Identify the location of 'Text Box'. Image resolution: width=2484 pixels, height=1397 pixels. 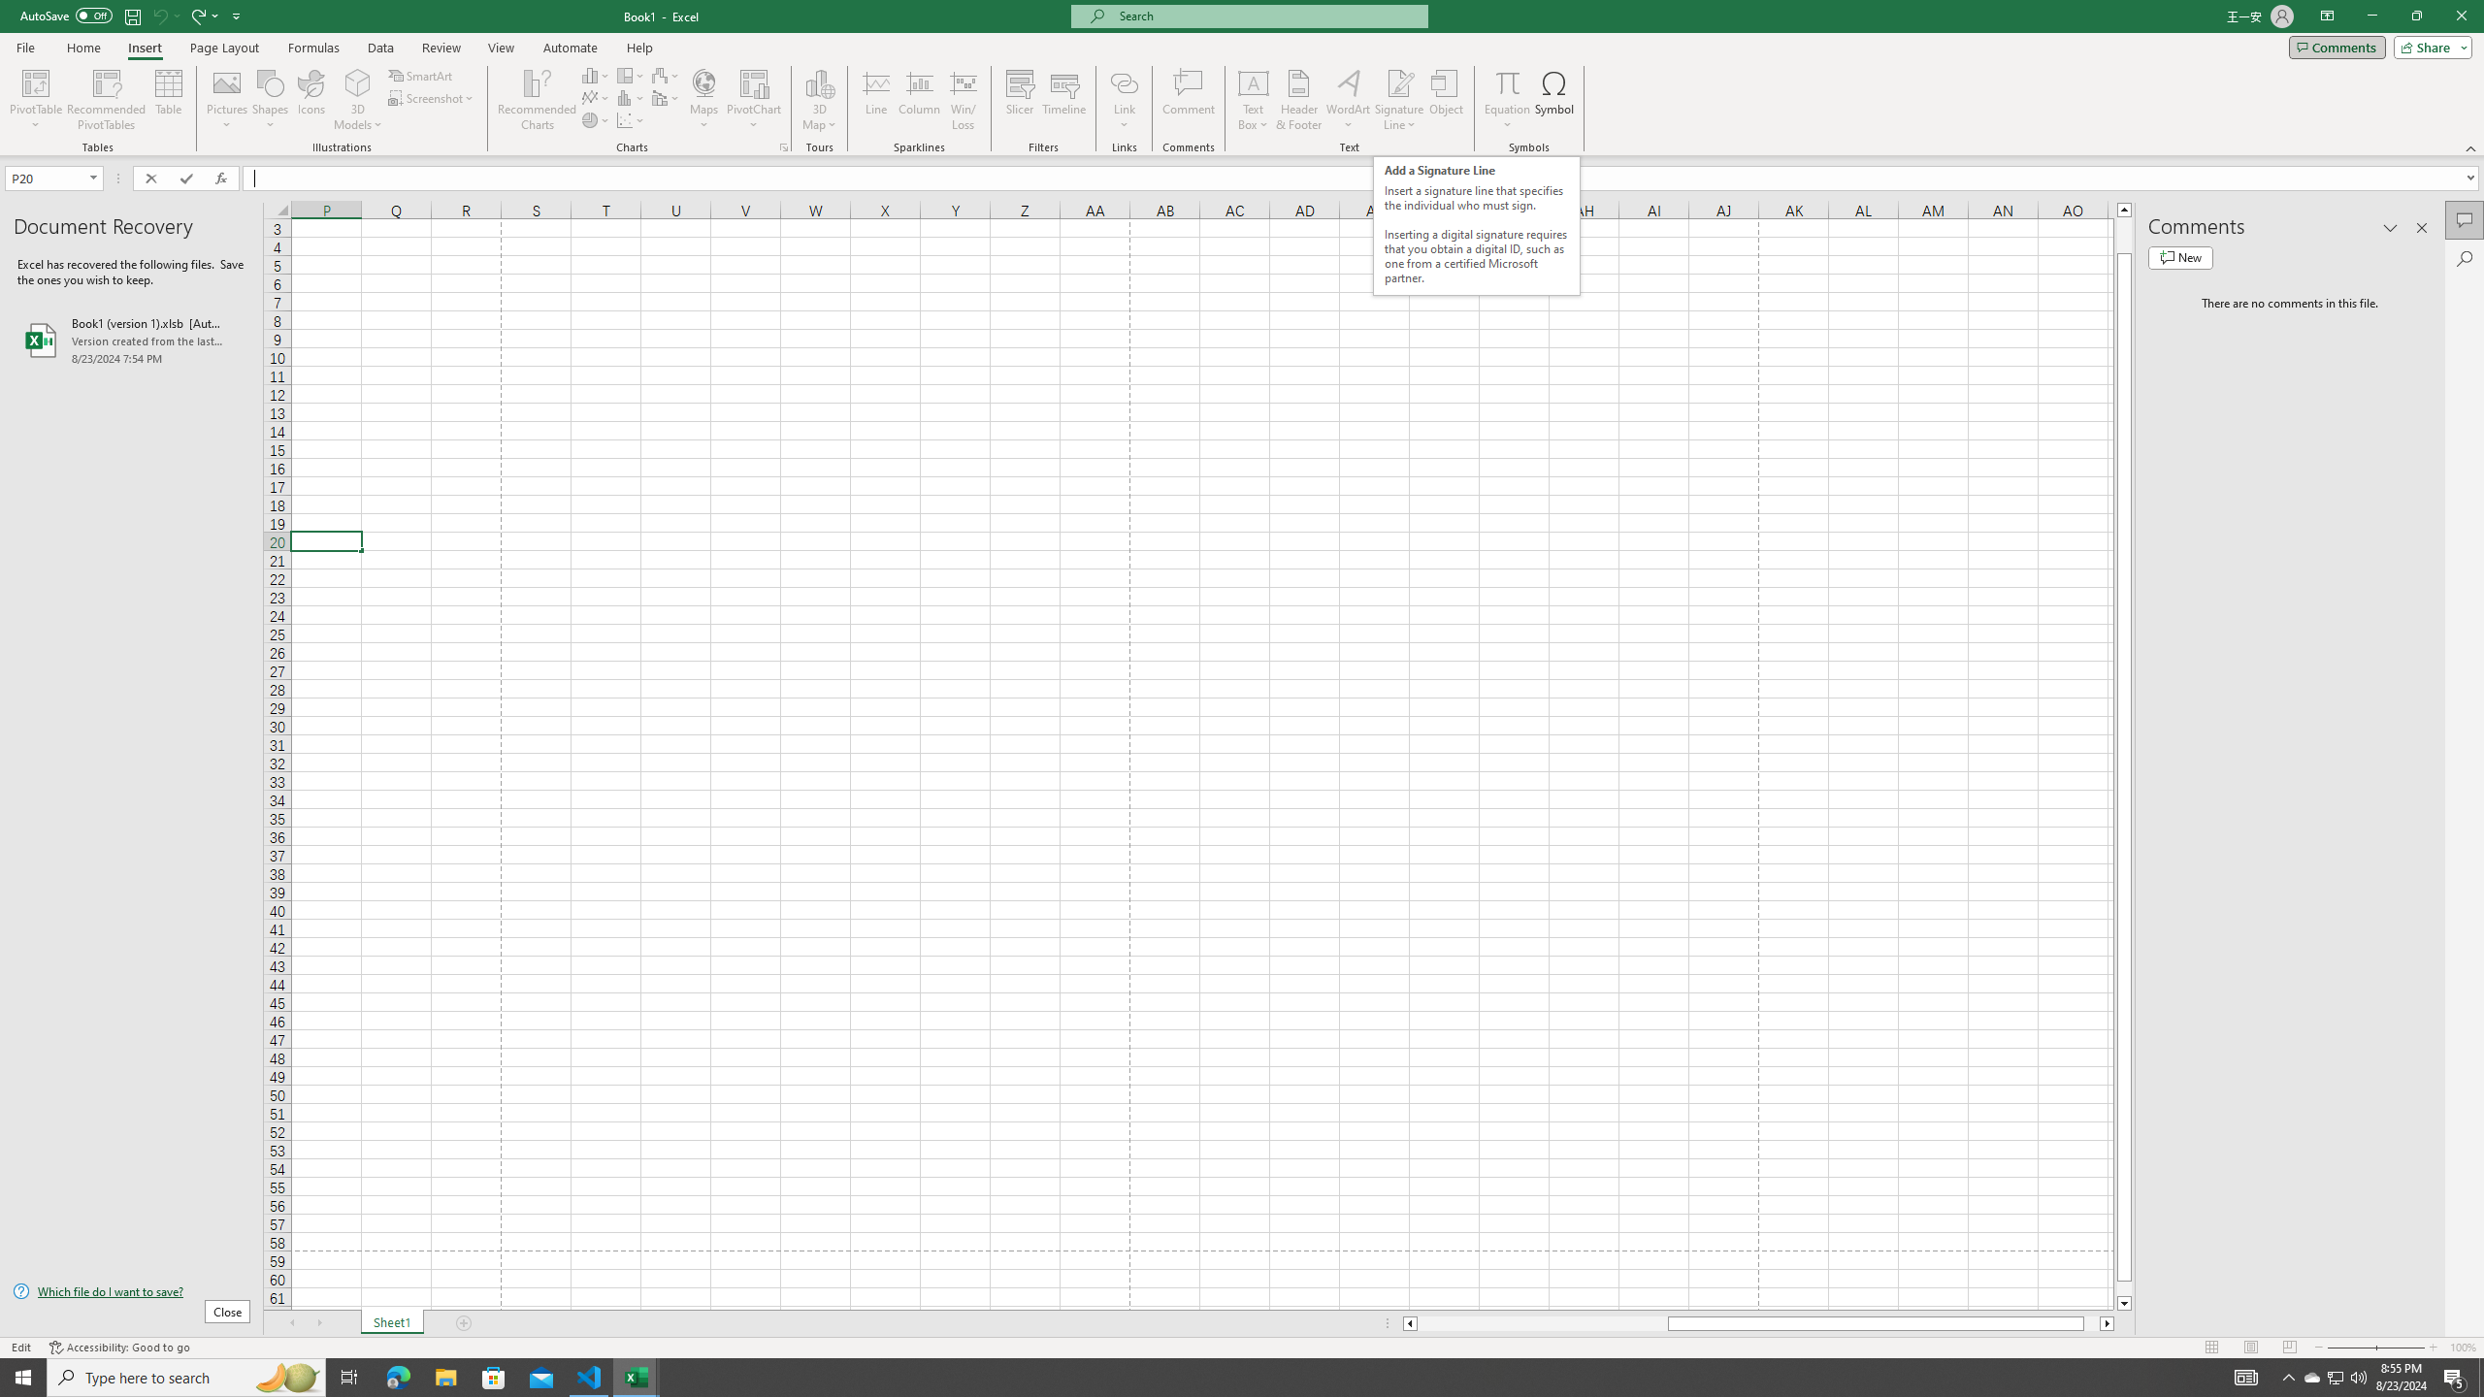
(1253, 100).